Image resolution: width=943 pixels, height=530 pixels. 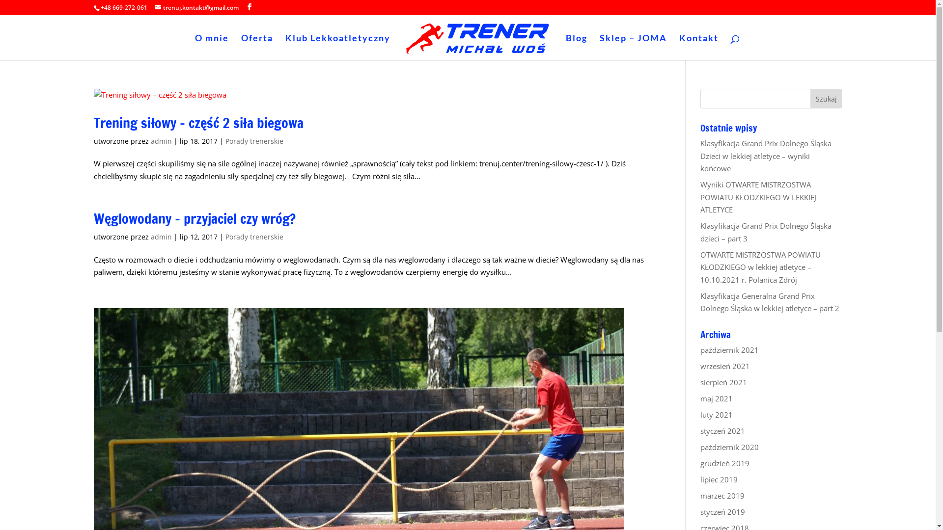 What do you see at coordinates (211, 47) in the screenshot?
I see `'O mnie'` at bounding box center [211, 47].